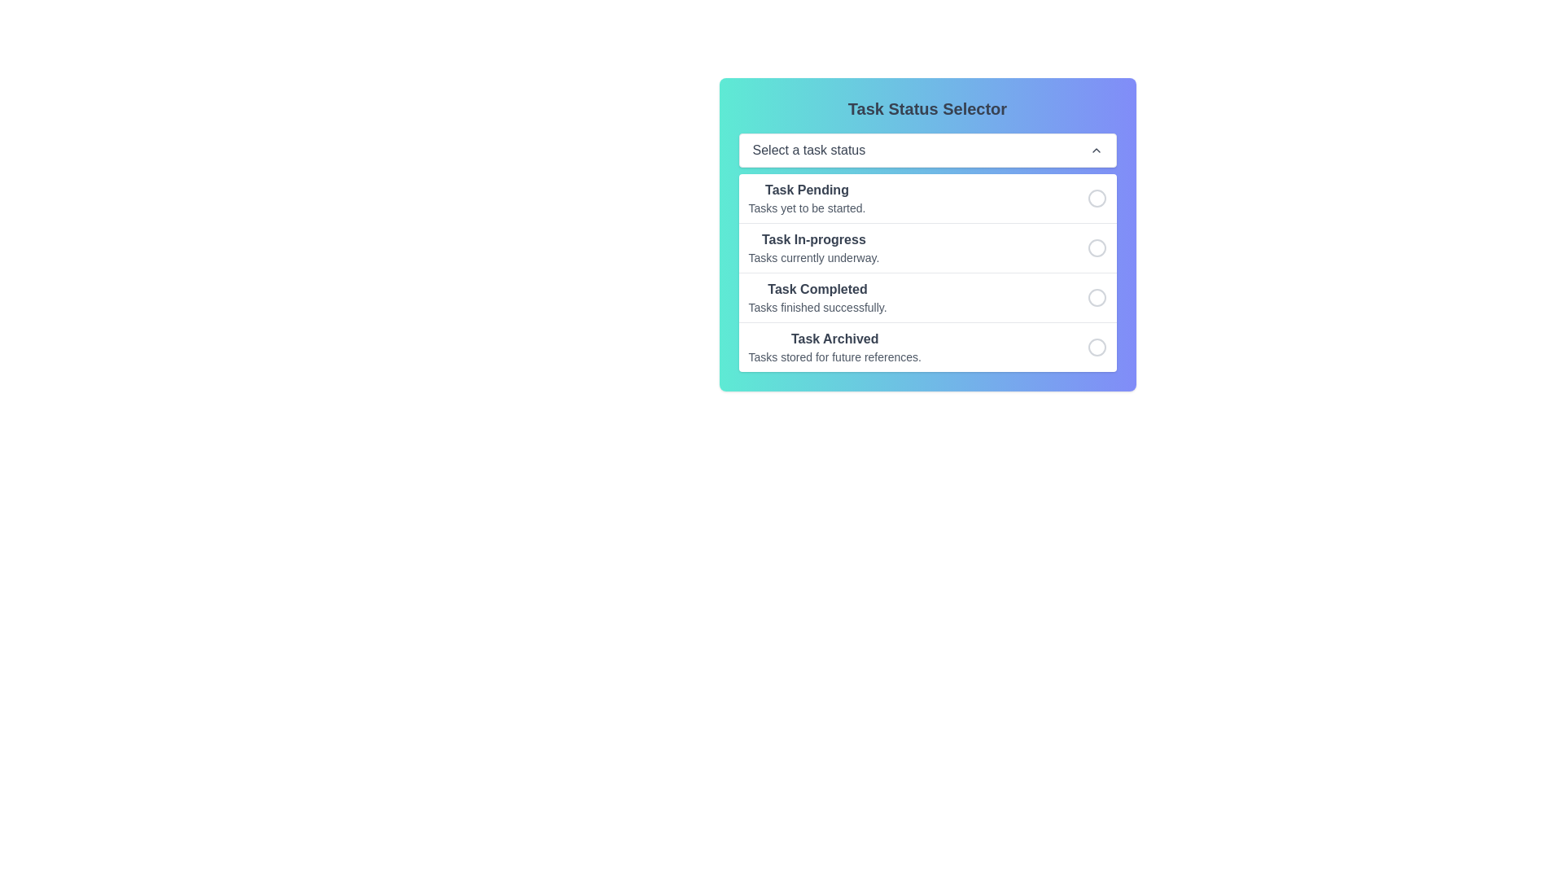 Image resolution: width=1563 pixels, height=879 pixels. I want to click on the 'Completed' task status option in the Task Status Selector panel by clicking on it, so click(927, 297).